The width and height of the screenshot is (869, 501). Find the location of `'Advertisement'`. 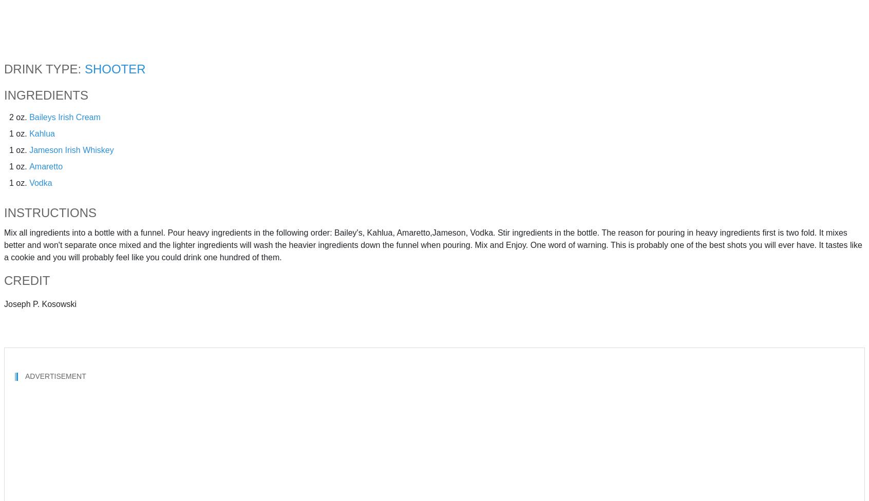

'Advertisement' is located at coordinates (55, 376).